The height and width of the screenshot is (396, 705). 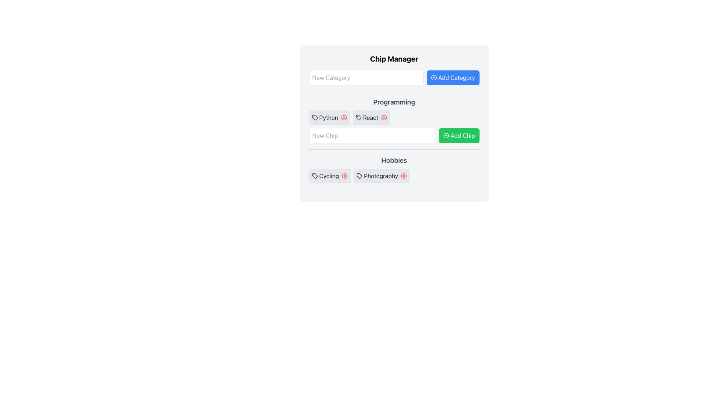 I want to click on the tag icon styled as a compact design with a pointed corner and a small circle cutout, located within the 'React' chip in the Programming section, so click(x=358, y=117).